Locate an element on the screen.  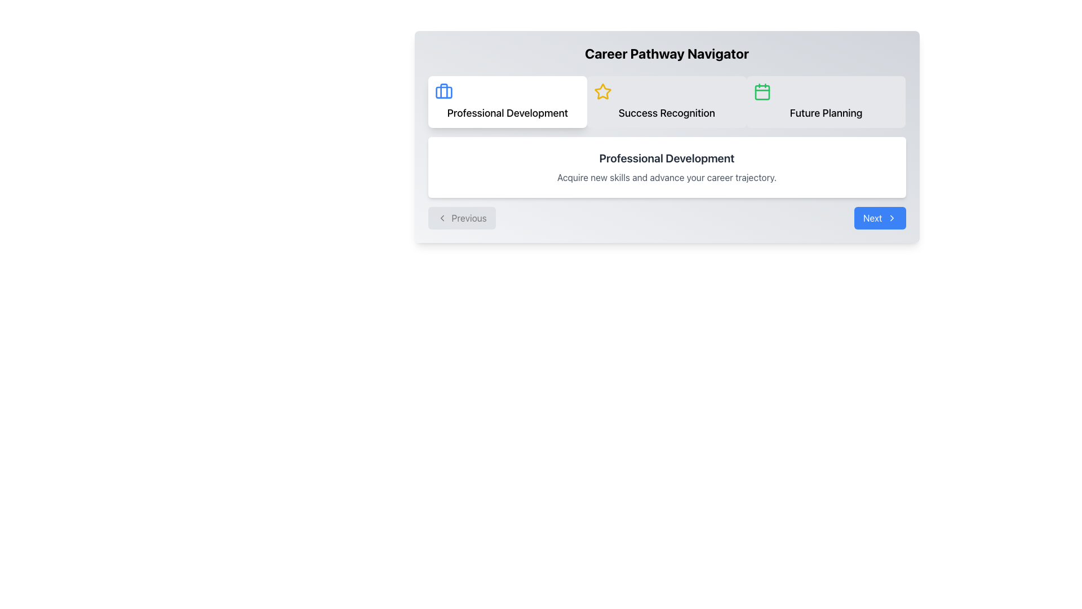
the green calendar icon with a bold outline located in the 'Future Planning' section at the top of the interface is located at coordinates (762, 91).